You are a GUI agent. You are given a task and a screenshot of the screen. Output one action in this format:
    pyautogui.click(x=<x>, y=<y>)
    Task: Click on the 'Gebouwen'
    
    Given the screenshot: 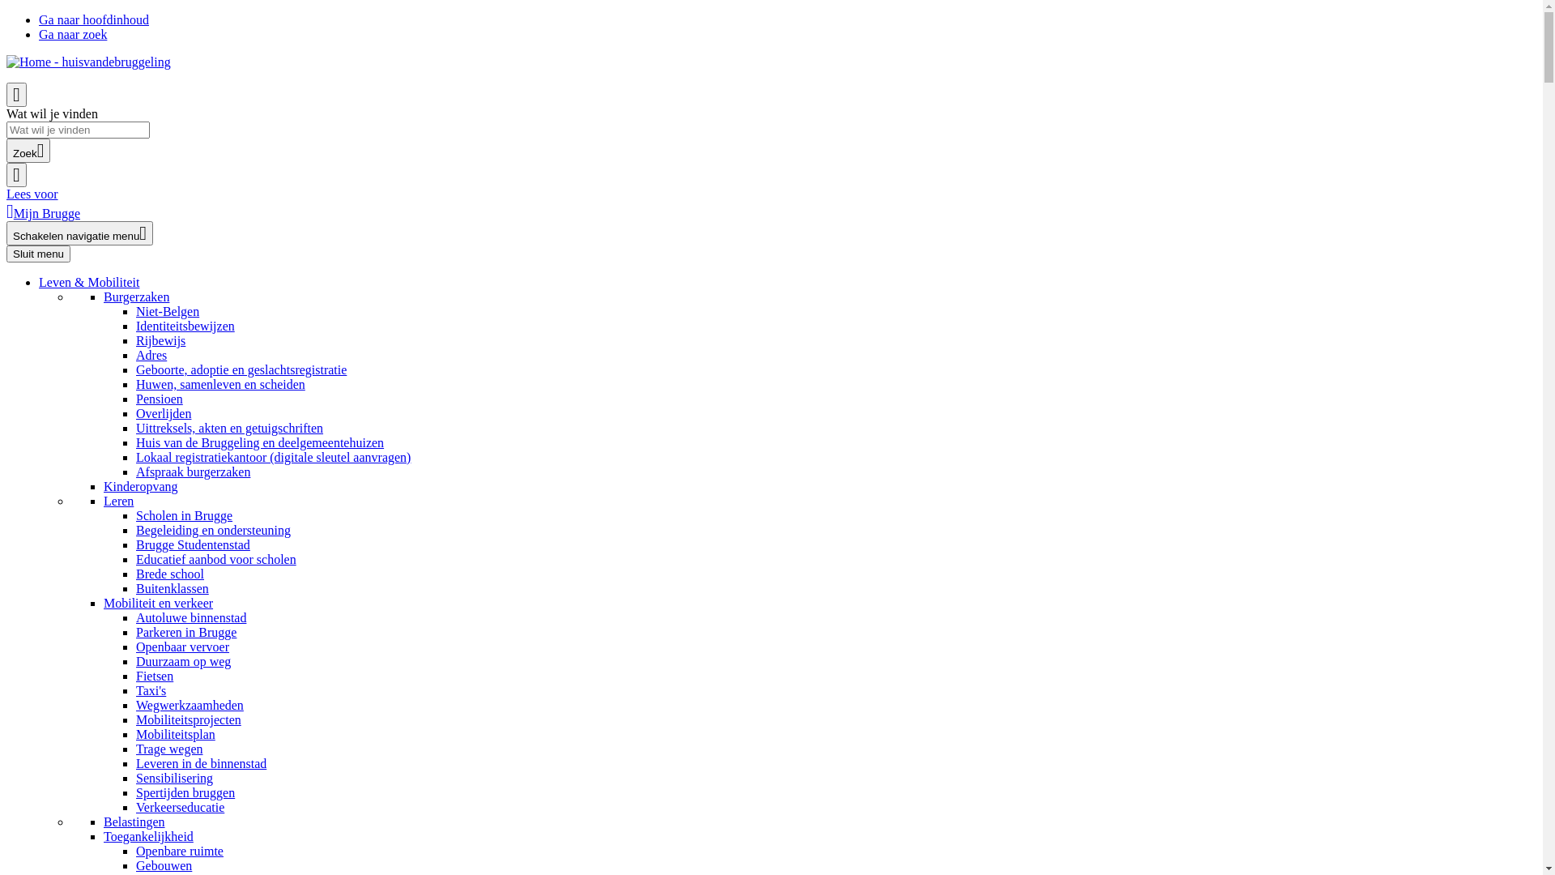 What is the action you would take?
    pyautogui.click(x=164, y=864)
    